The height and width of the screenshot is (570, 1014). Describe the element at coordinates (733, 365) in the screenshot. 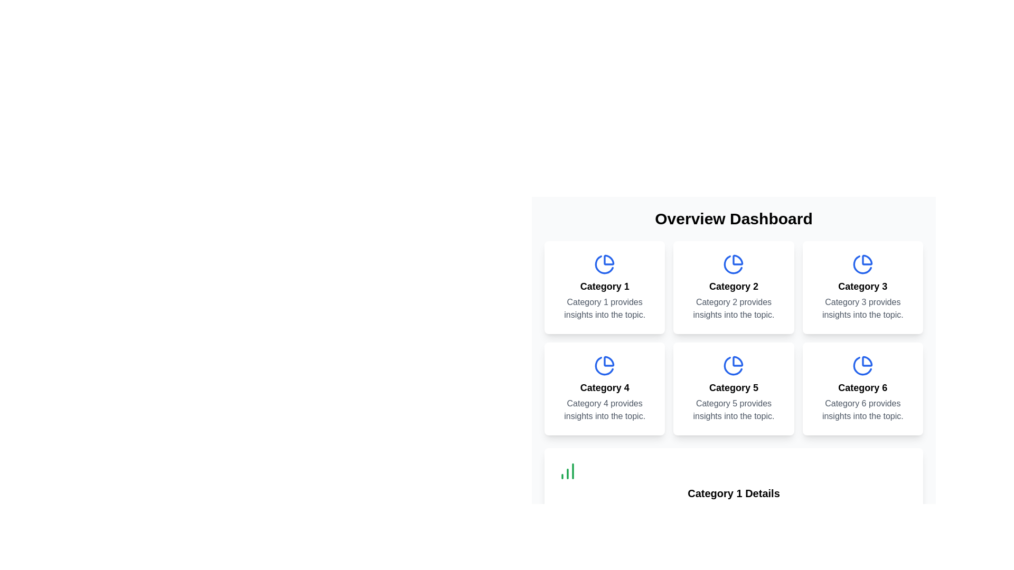

I see `the 'Category 5' icon located in the second row, middle column of the grid layout under the 'Overview Dashboard' heading` at that location.